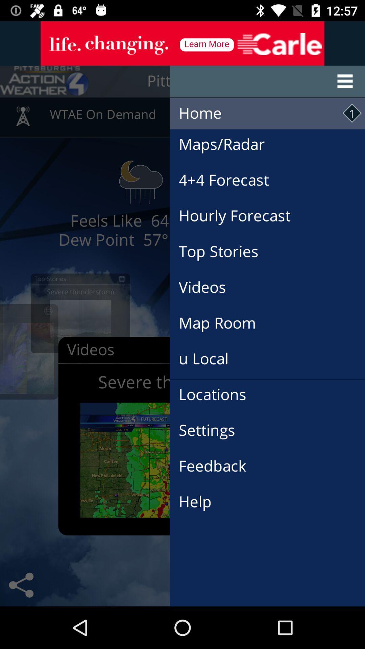 The height and width of the screenshot is (649, 365). What do you see at coordinates (21, 585) in the screenshot?
I see `the share icon` at bounding box center [21, 585].